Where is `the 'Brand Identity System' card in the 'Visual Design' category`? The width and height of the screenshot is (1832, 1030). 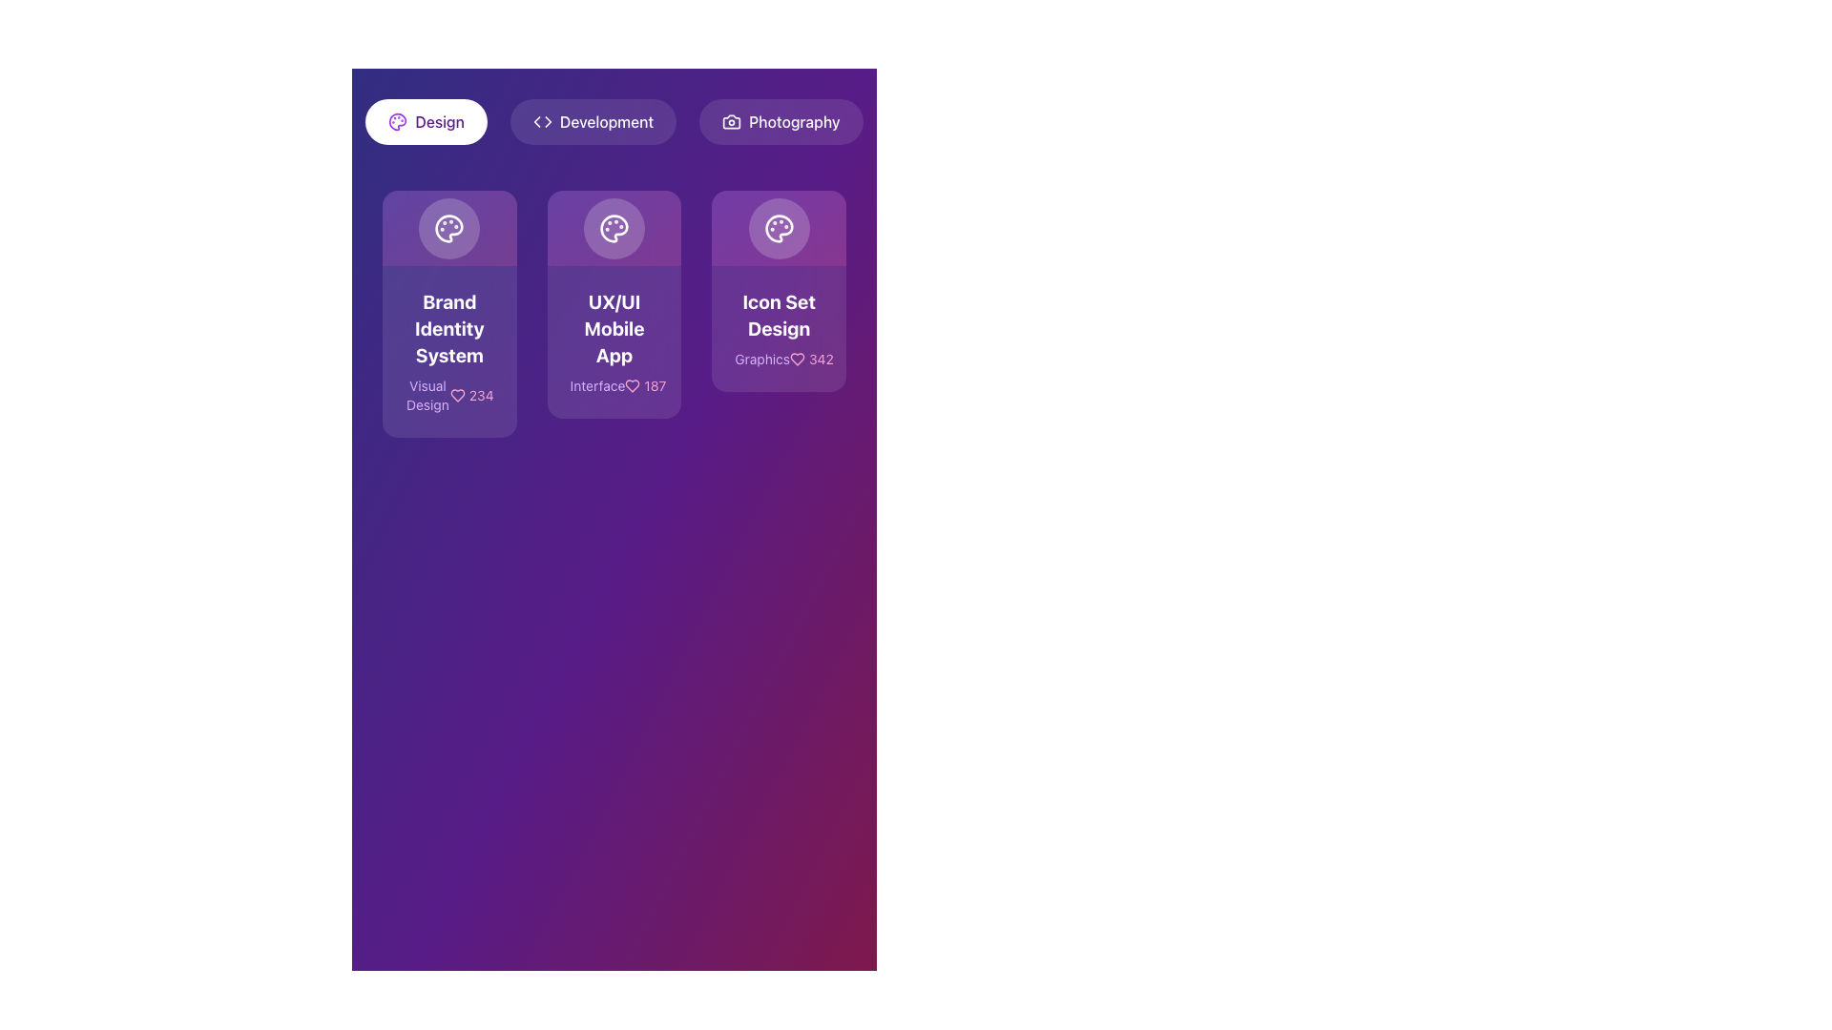
the 'Brand Identity System' card in the 'Visual Design' category is located at coordinates (448, 352).